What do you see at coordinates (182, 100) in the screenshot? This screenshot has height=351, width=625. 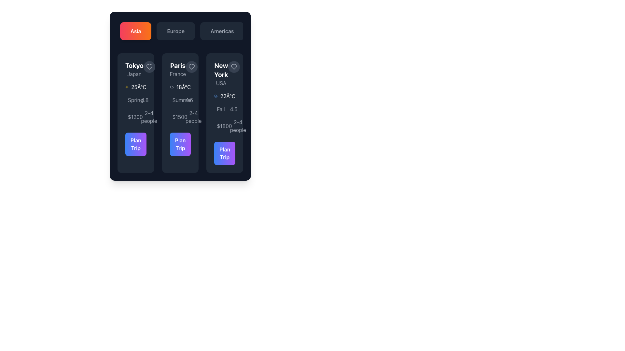 I see `the text label that reads 'Summer', which is centrally aligned within the second card of a horizontally aligned group, positioned below the temperature information ('18°C') and above the pricing information ('$1500')` at bounding box center [182, 100].